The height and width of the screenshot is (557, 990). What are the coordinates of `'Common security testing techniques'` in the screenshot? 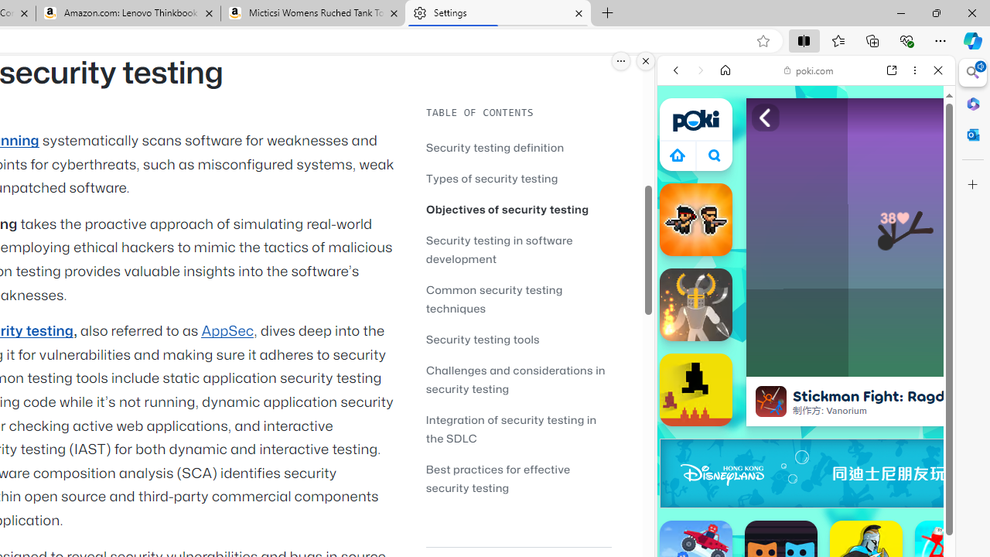 It's located at (493, 299).